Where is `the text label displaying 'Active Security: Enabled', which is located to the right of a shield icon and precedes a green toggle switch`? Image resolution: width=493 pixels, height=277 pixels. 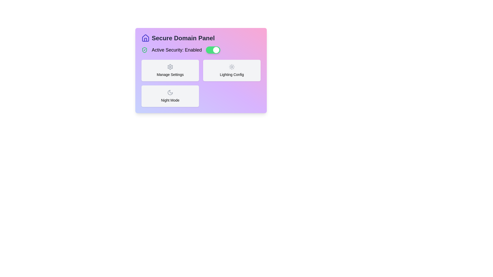 the text label displaying 'Active Security: Enabled', which is located to the right of a shield icon and precedes a green toggle switch is located at coordinates (177, 50).